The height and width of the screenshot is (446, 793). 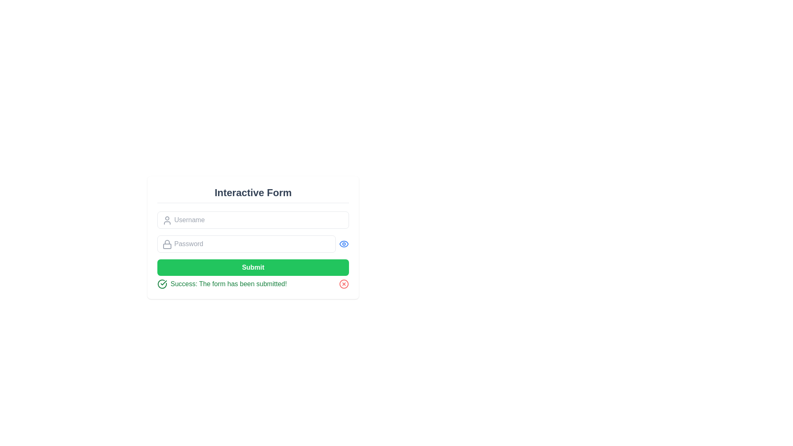 I want to click on the password input field located below the 'Username' input field and above the 'Submit' button, so click(x=246, y=243).